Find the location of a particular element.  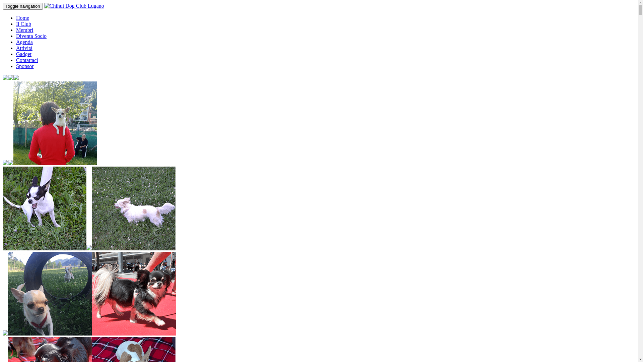

'Gadget' is located at coordinates (16, 54).